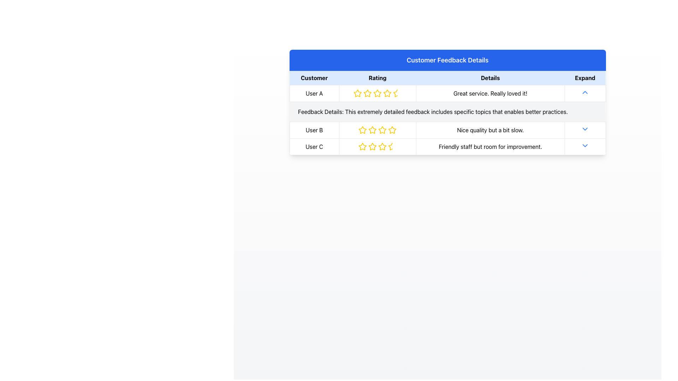  What do you see at coordinates (367, 93) in the screenshot?
I see `the second star icon with a yellow border in the 'Rating' column of the first row in the 'Customer Feedback Details' table` at bounding box center [367, 93].